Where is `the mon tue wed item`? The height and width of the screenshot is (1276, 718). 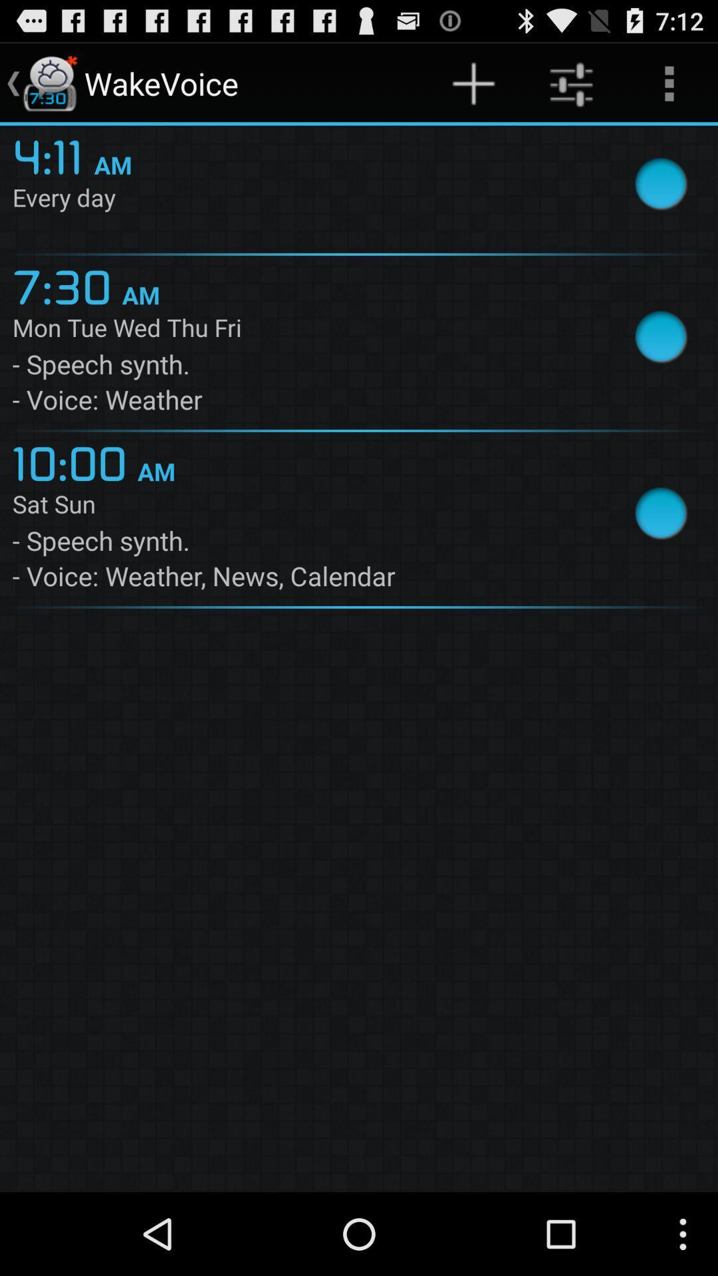
the mon tue wed item is located at coordinates (301, 330).